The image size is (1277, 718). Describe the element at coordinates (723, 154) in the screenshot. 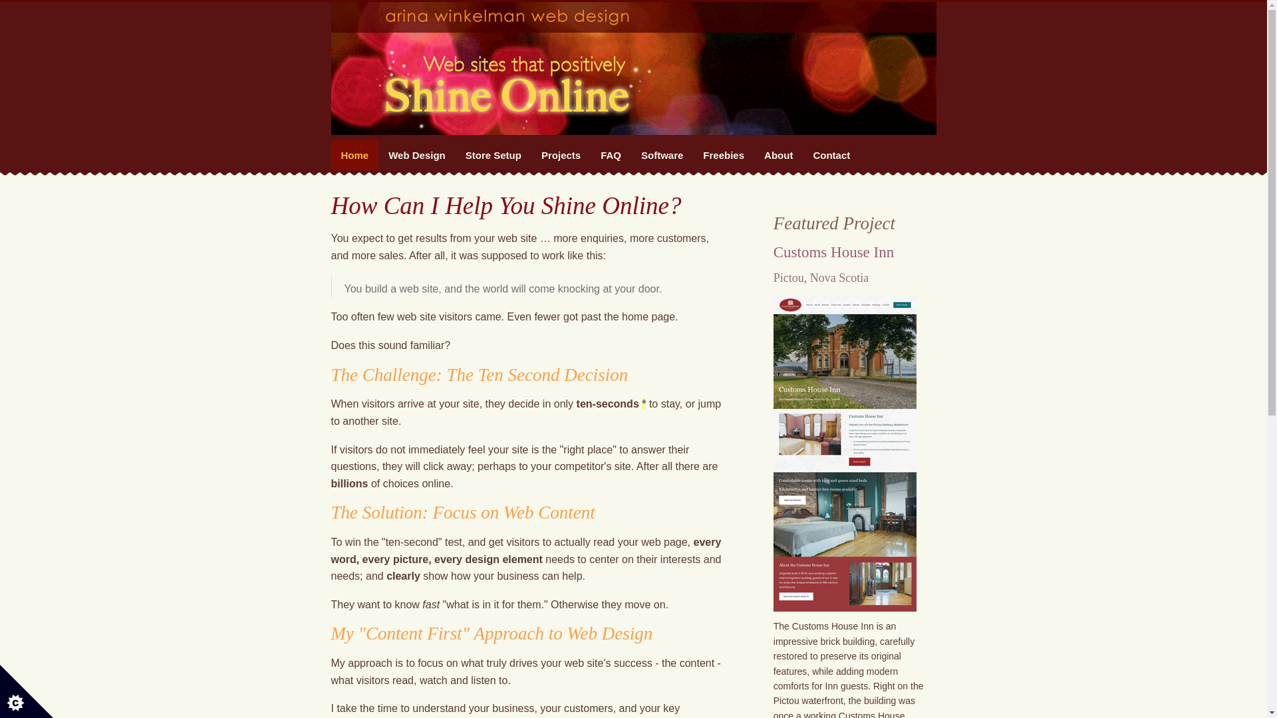

I see `'Freebies'` at that location.